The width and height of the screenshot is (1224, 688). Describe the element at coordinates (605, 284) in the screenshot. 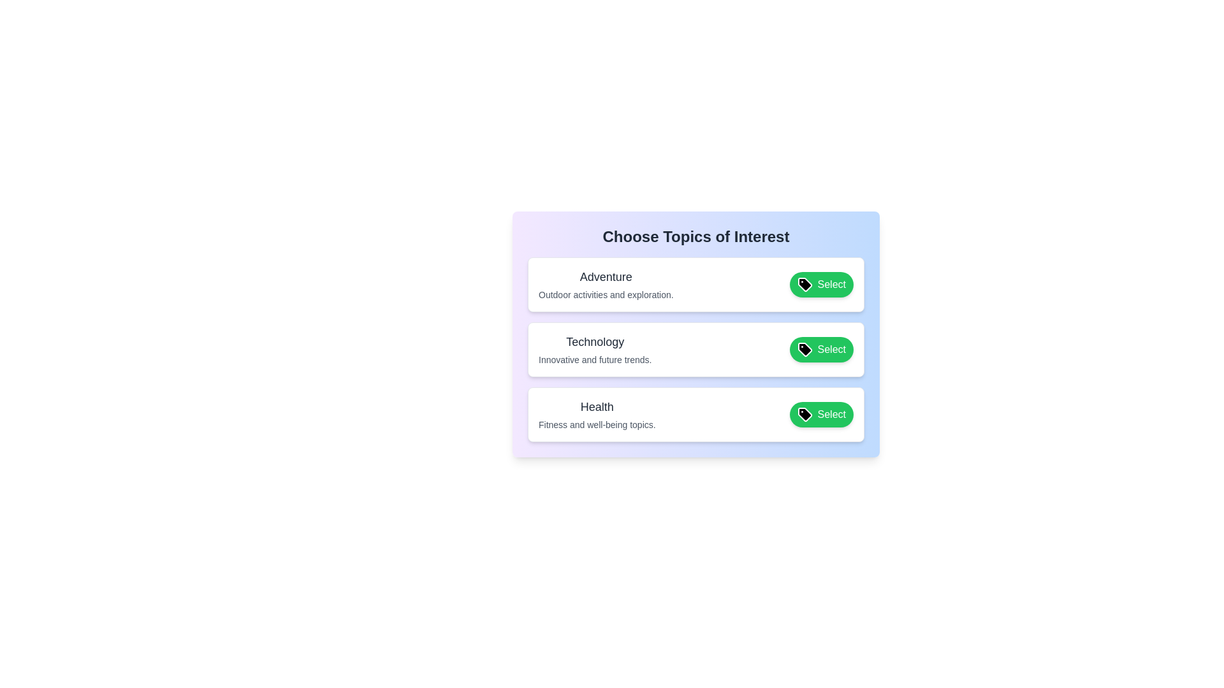

I see `the tag item labeled 'Adventure'` at that location.